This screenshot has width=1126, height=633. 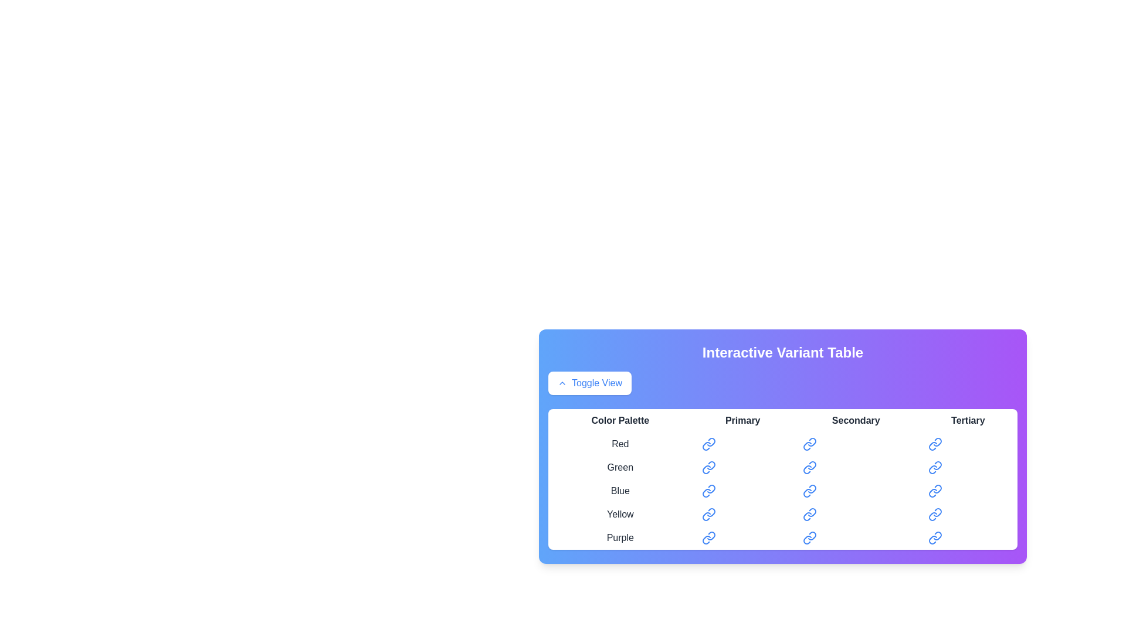 I want to click on the Hyperlink icon located in the 'Interactive Variant Table' under the 'Purple' row and 'Secondary' column, so click(x=809, y=538).